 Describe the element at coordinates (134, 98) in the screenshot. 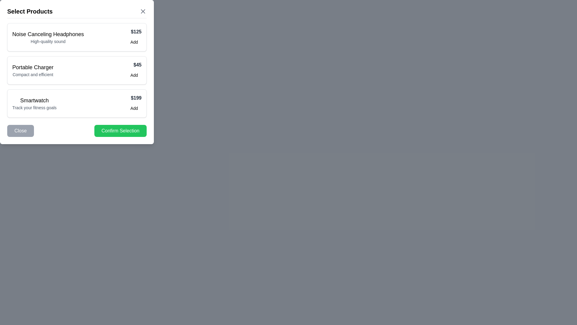

I see `the static text displaying the price '$199', which is bold and dark gray, located in the third row under the 'Smartwatch' product and aligned to the right above the 'Add' button` at that location.